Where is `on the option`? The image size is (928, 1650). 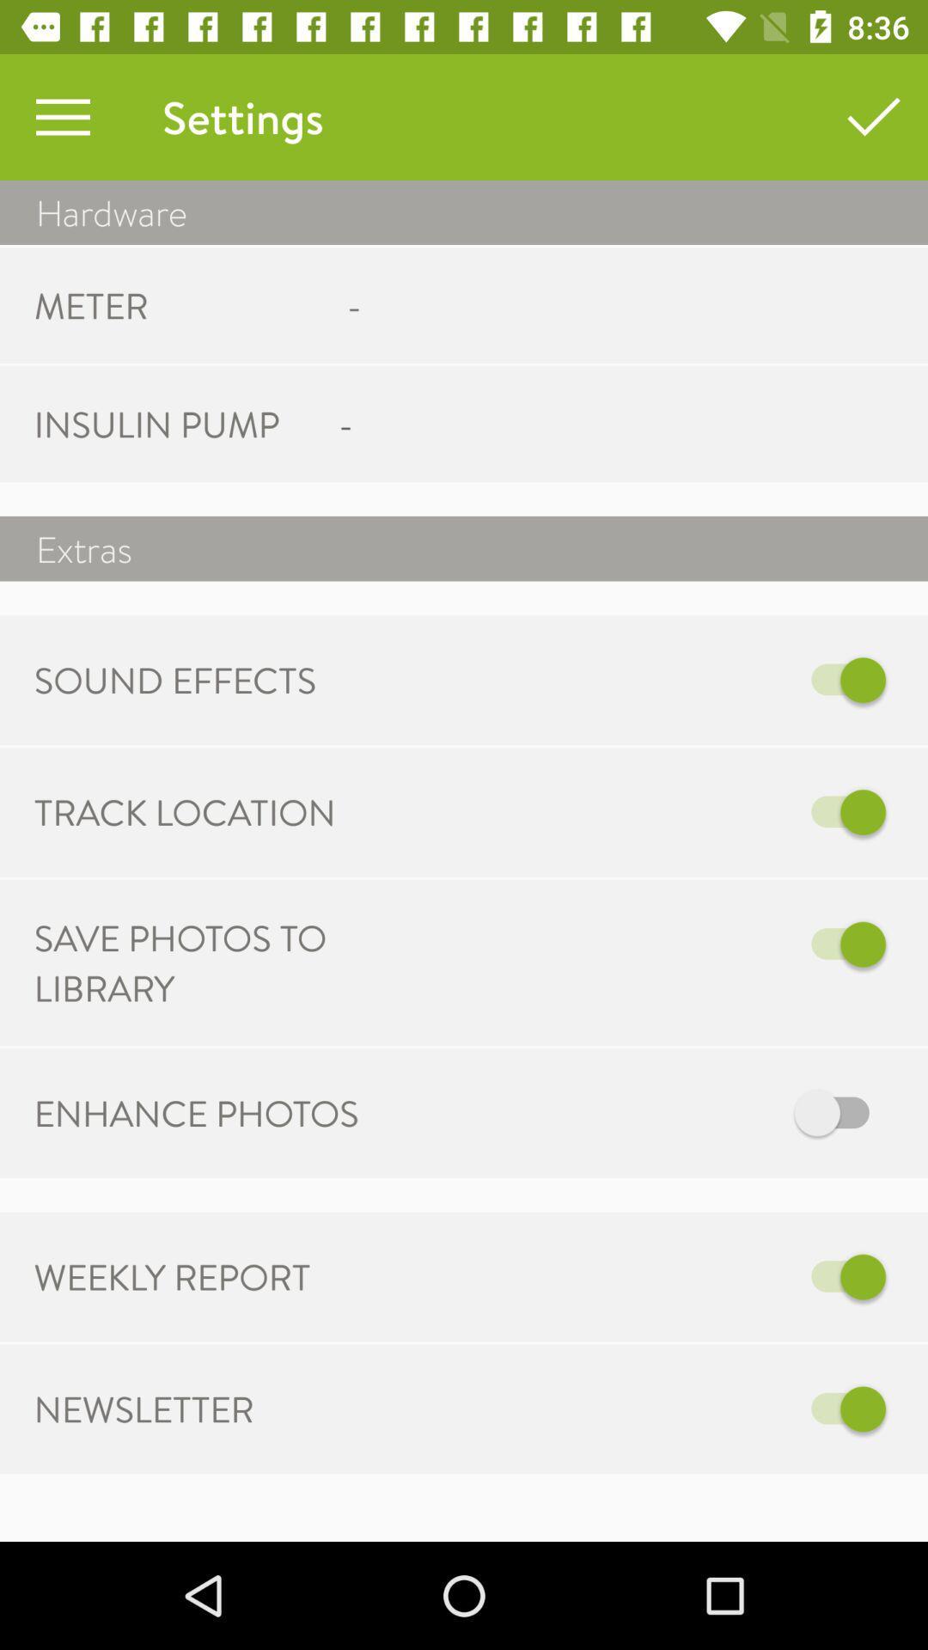
on the option is located at coordinates (642, 1409).